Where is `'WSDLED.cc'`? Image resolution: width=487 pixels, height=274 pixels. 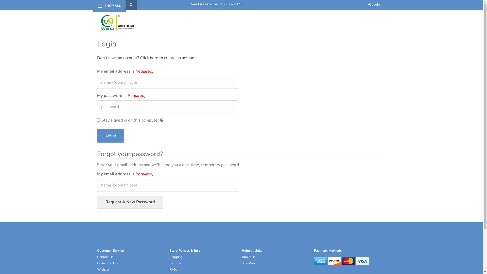 'WSDLED.cc' is located at coordinates (97, 22).